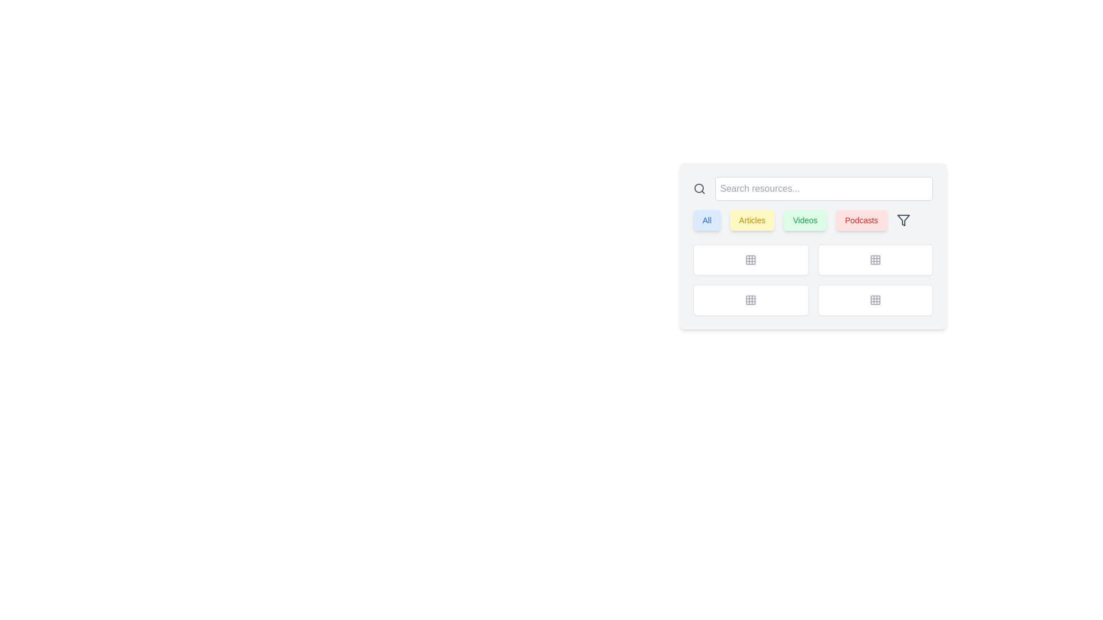 The image size is (1103, 620). I want to click on the grid layout icon located, so click(874, 300).